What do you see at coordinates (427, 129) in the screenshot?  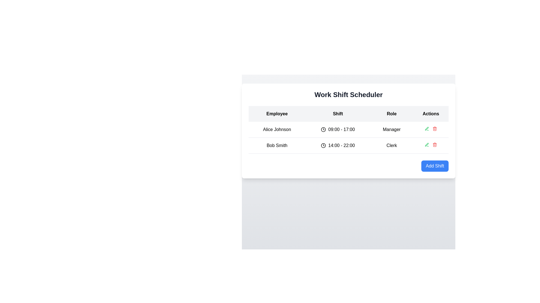 I see `the green pen icon in the 'Actions' column of the second row to initiate the edit operation` at bounding box center [427, 129].